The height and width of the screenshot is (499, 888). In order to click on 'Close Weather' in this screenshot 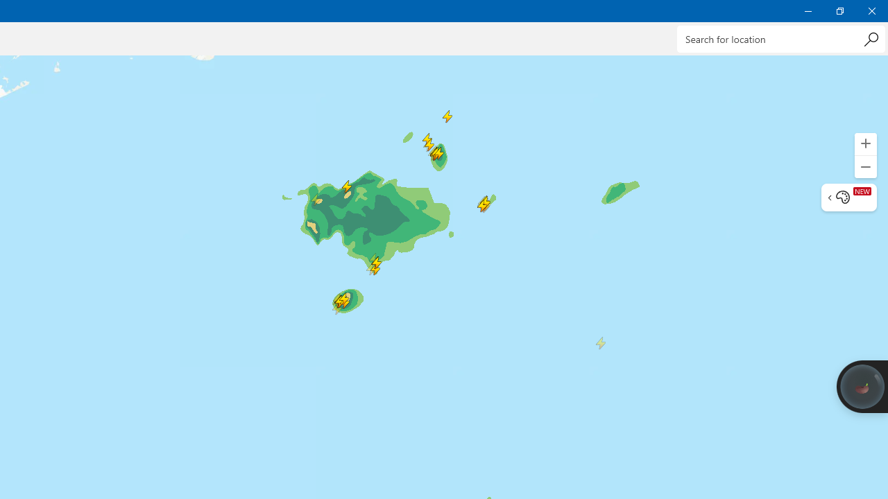, I will do `click(871, 10)`.